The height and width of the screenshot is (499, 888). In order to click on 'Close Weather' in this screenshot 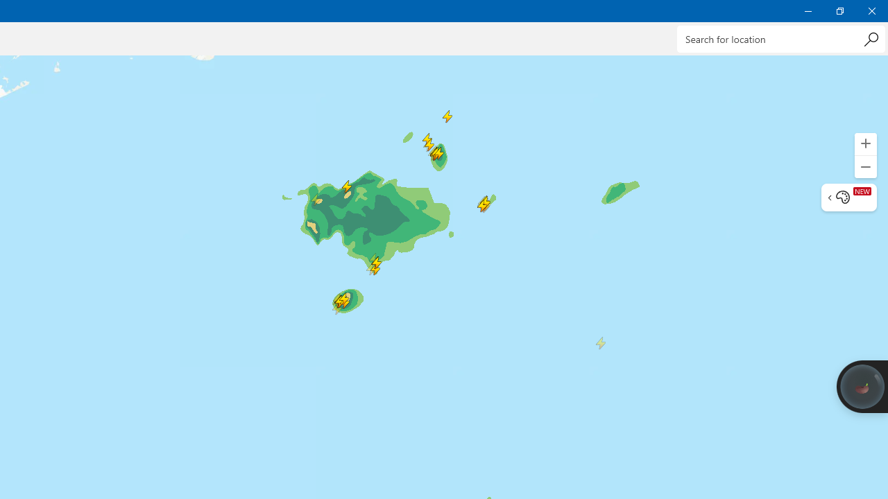, I will do `click(871, 10)`.